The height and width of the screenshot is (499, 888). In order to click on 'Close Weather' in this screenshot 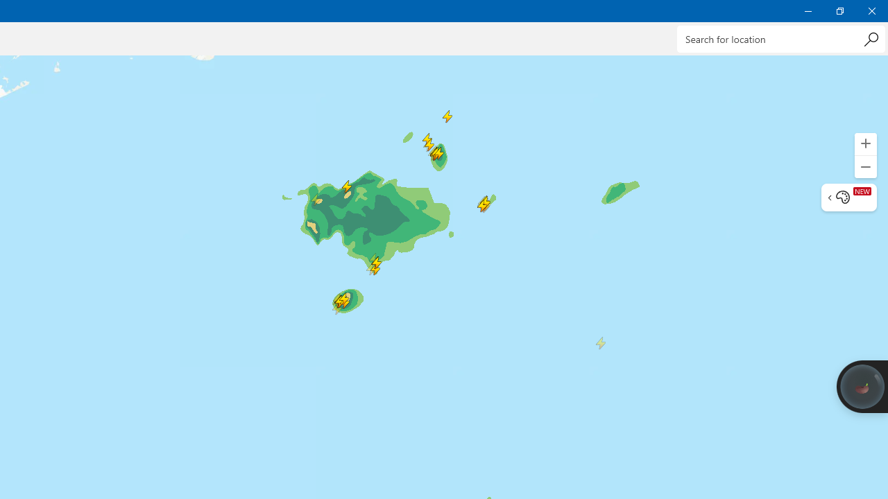, I will do `click(871, 10)`.